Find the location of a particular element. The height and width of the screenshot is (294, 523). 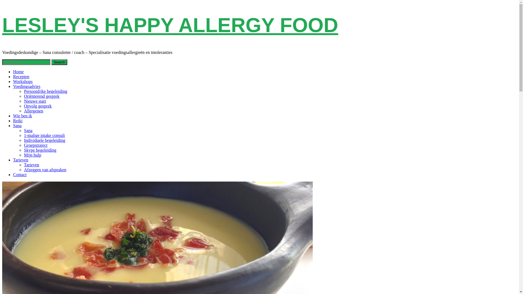

'Workshops' is located at coordinates (22, 81).